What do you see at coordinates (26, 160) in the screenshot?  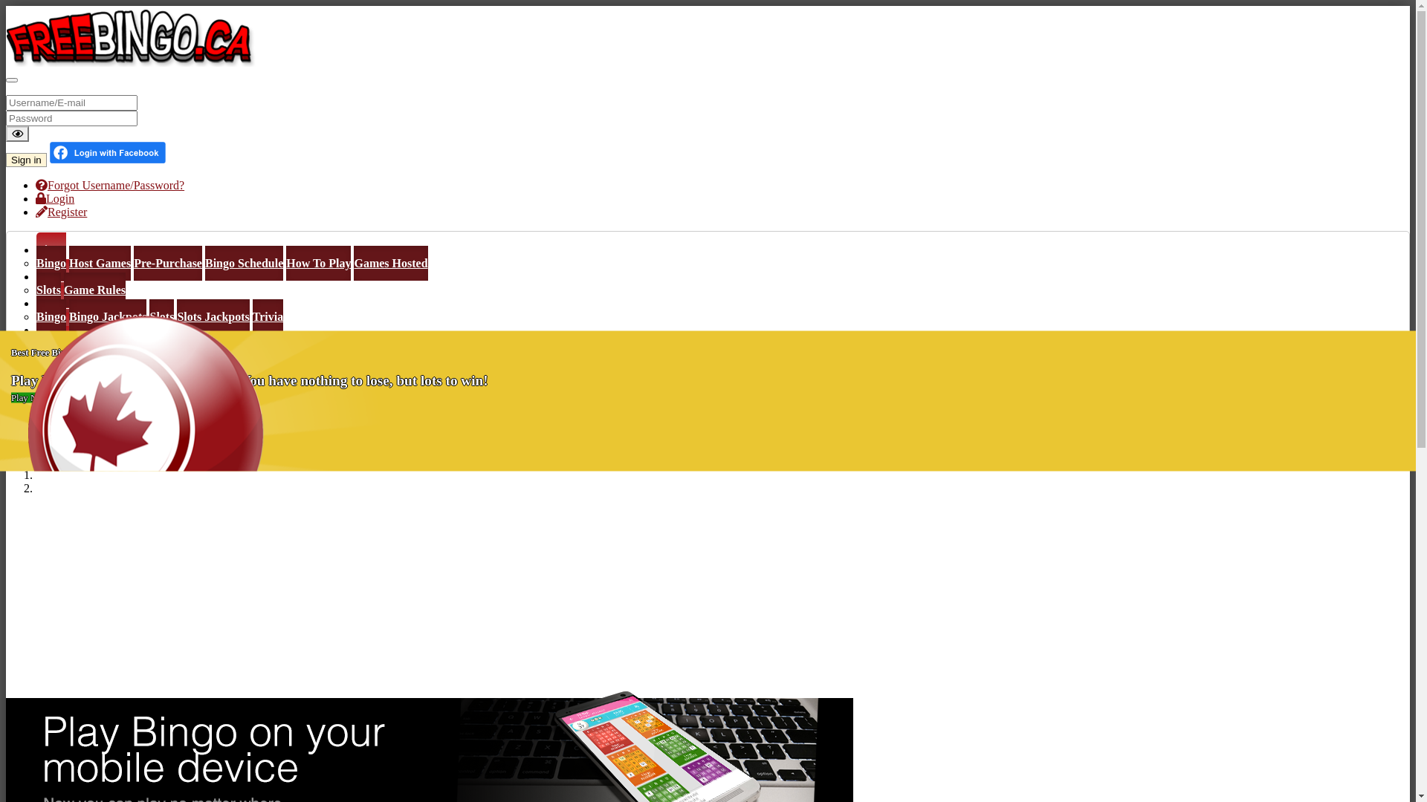 I see `'Sign in'` at bounding box center [26, 160].